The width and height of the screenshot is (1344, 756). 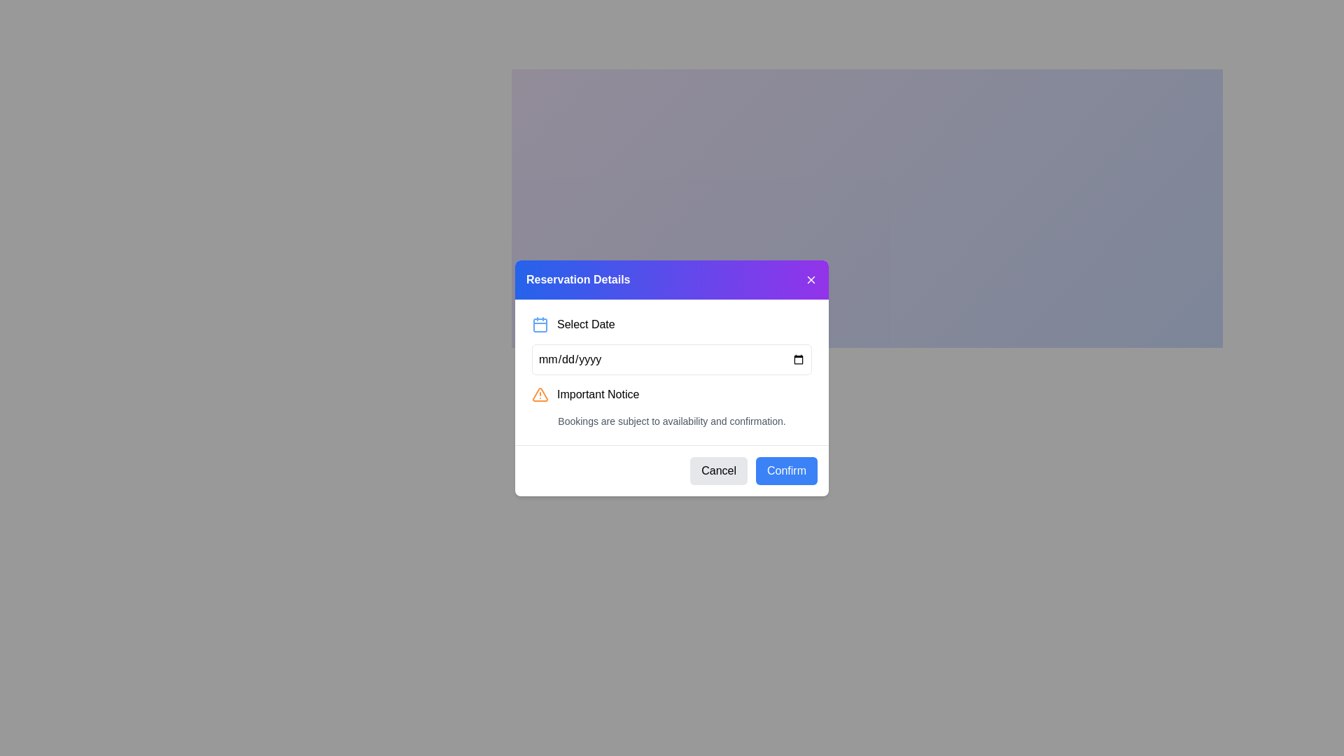 What do you see at coordinates (540, 394) in the screenshot?
I see `the visual indicator icon located in the middle section of the 'Reservation Details' modal dialog, which is positioned below the date selection field and above the 'Important Notice' text` at bounding box center [540, 394].